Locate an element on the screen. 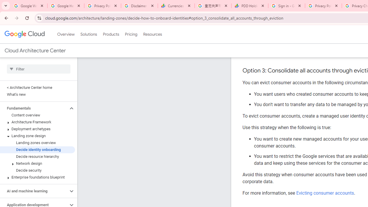 The width and height of the screenshot is (368, 207). 'Decide identity onboarding' is located at coordinates (37, 149).